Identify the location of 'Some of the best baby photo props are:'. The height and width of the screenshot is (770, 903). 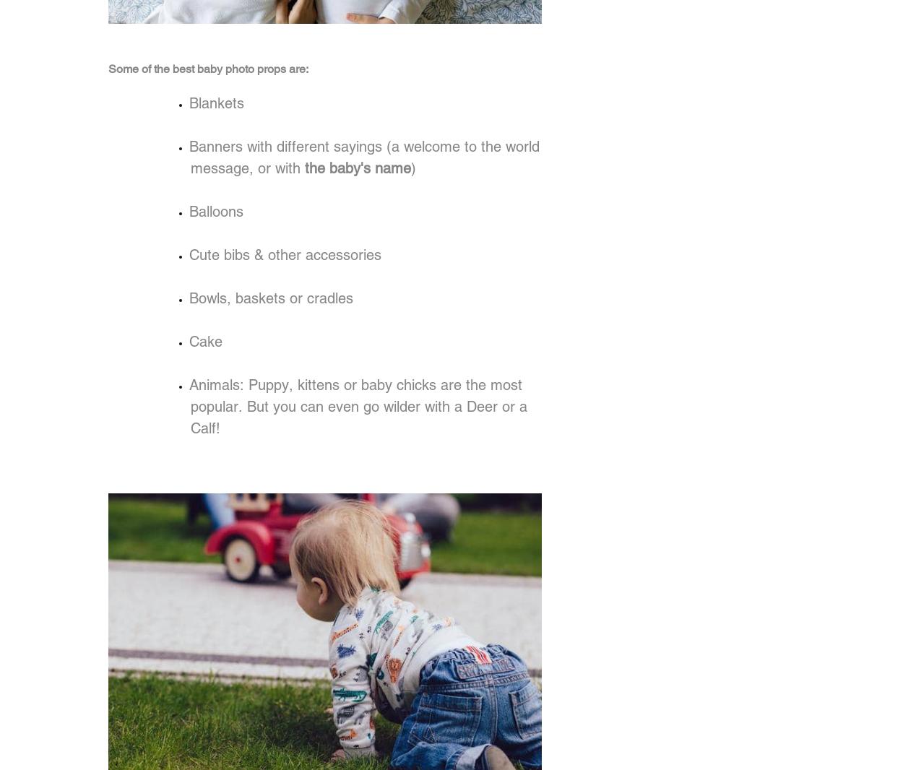
(208, 68).